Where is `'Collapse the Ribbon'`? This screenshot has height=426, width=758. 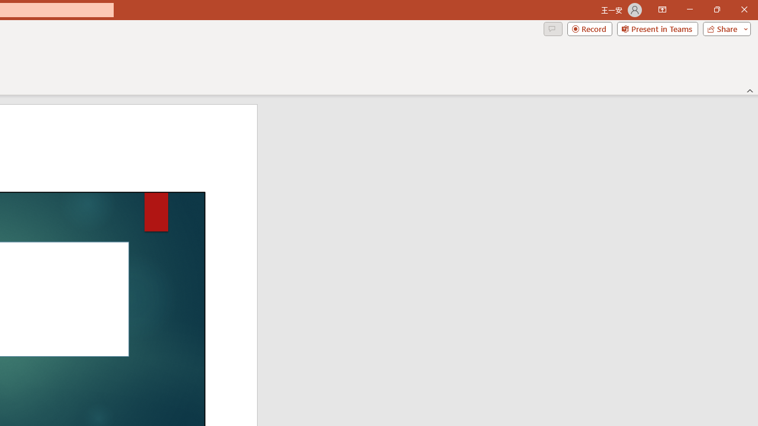
'Collapse the Ribbon' is located at coordinates (750, 90).